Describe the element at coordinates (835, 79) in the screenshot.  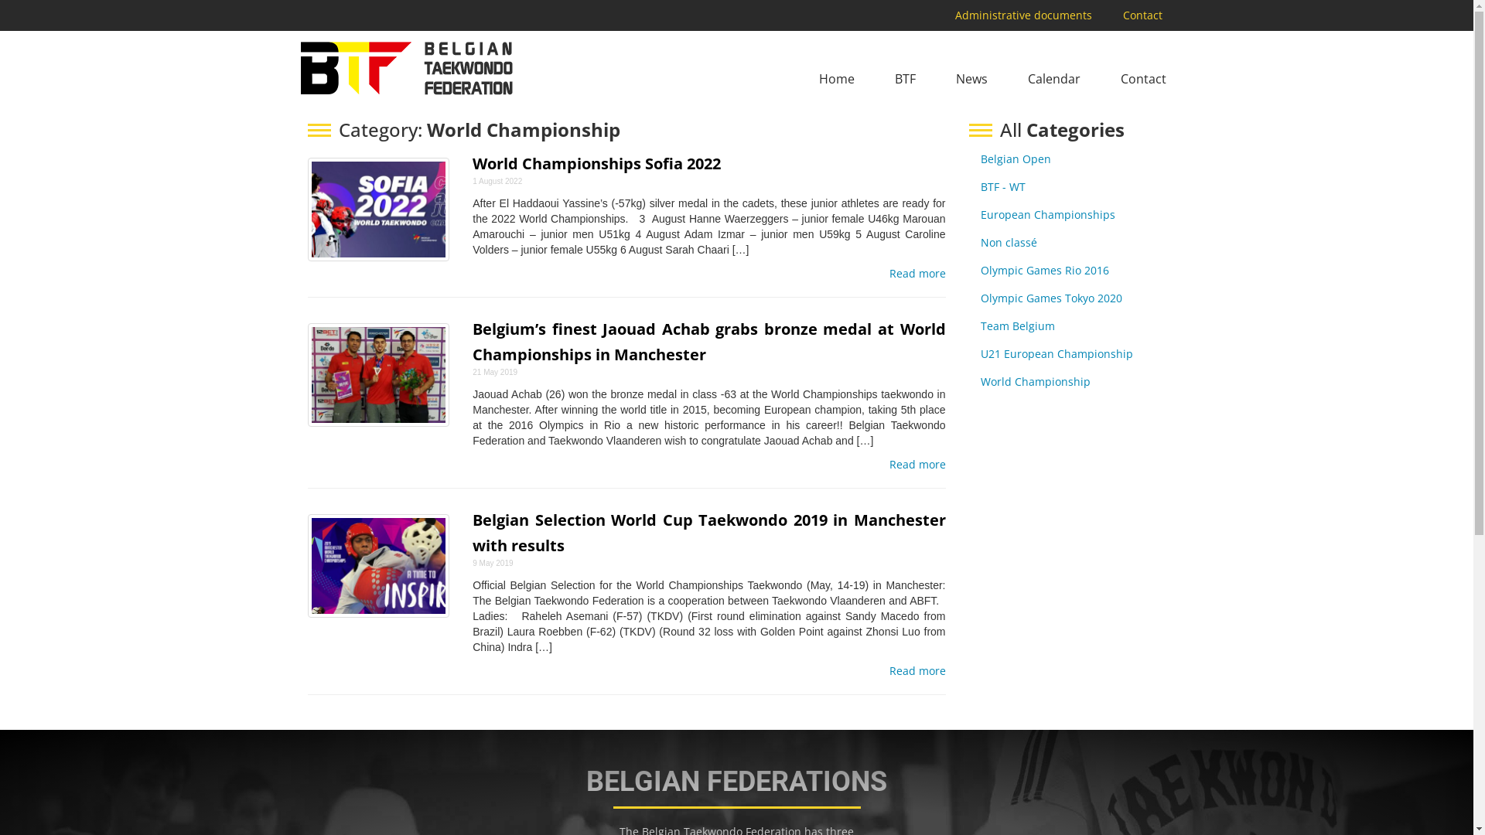
I see `'Home'` at that location.